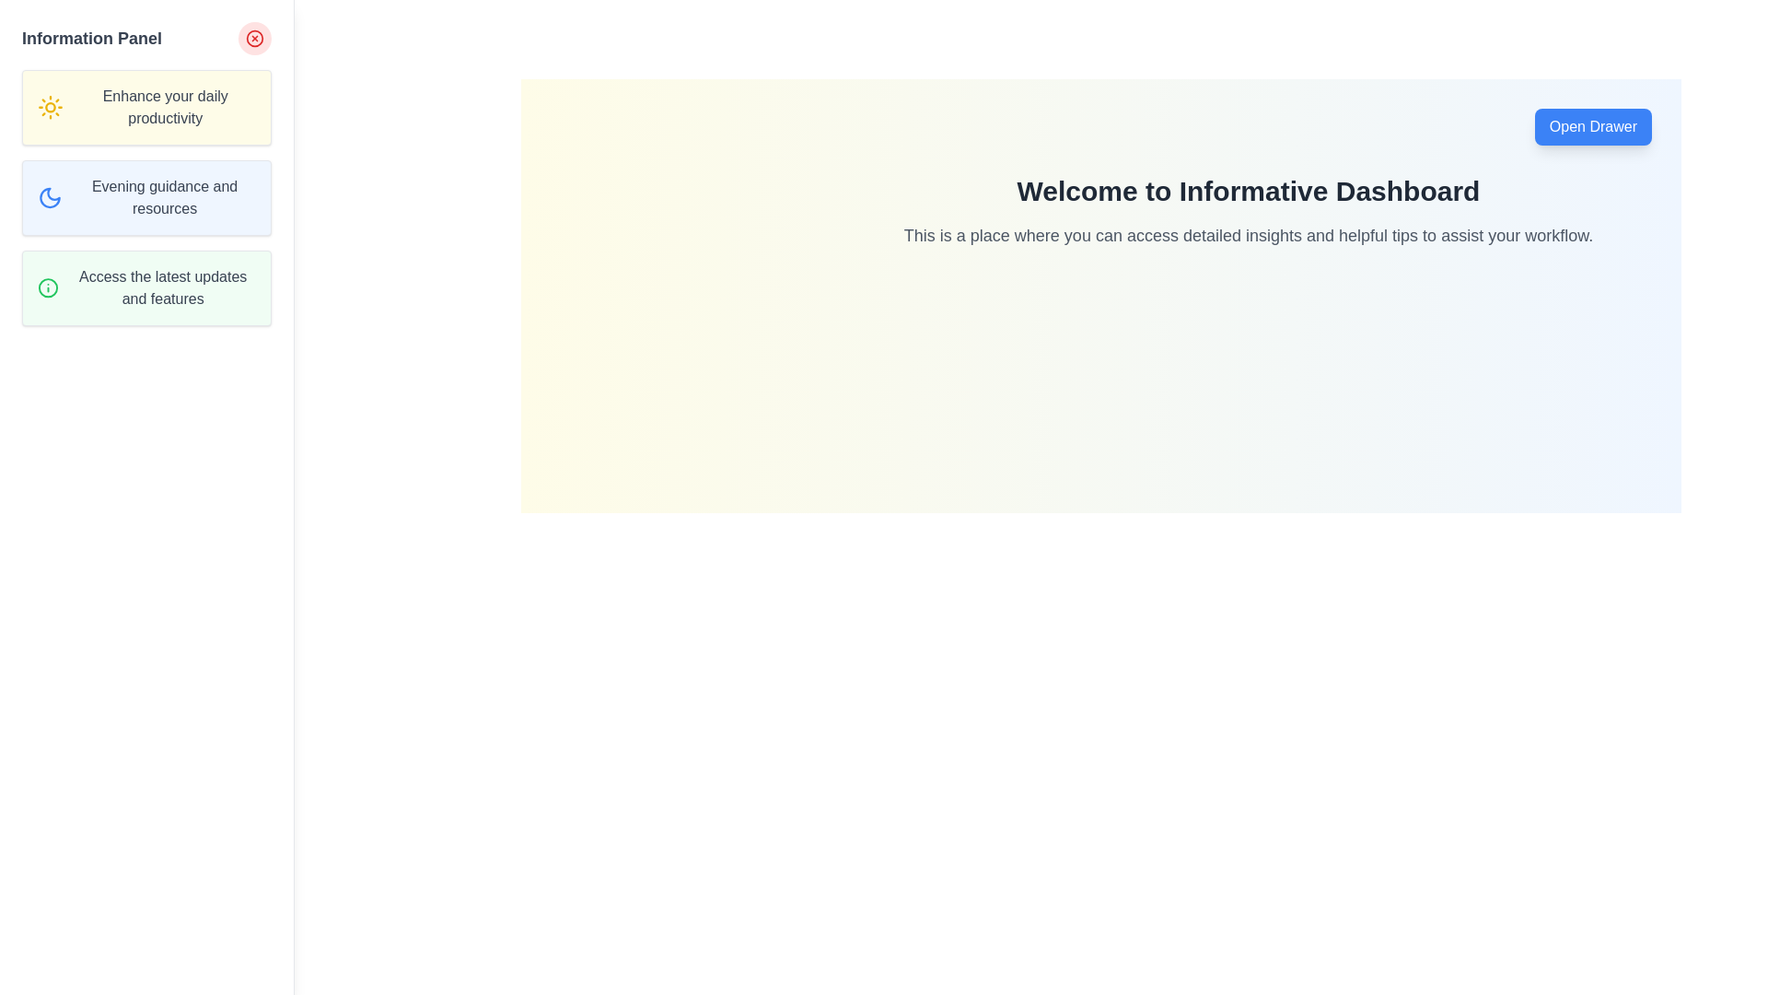 This screenshot has width=1768, height=995. Describe the element at coordinates (51, 107) in the screenshot. I see `the decorative sun icon located at the top left corner of the 'Information Panel' under the 'Enhance your daily productivity' card in the left sidebar` at that location.